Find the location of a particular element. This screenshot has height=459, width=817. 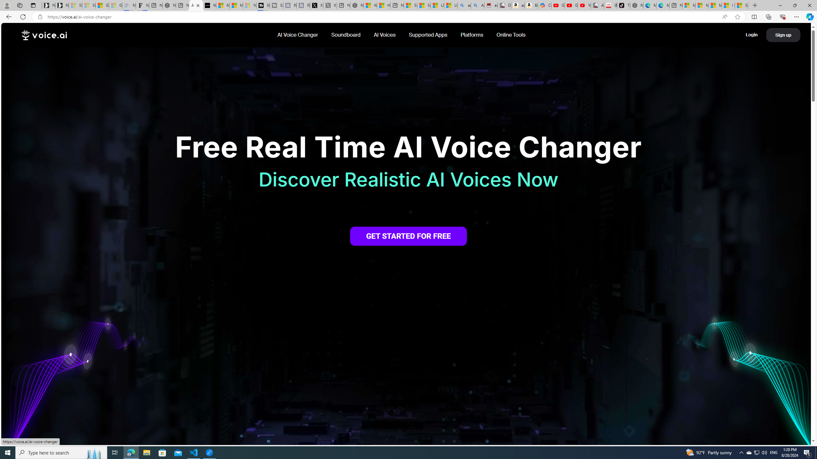

'AI Voice Changer ' is located at coordinates (298, 34).